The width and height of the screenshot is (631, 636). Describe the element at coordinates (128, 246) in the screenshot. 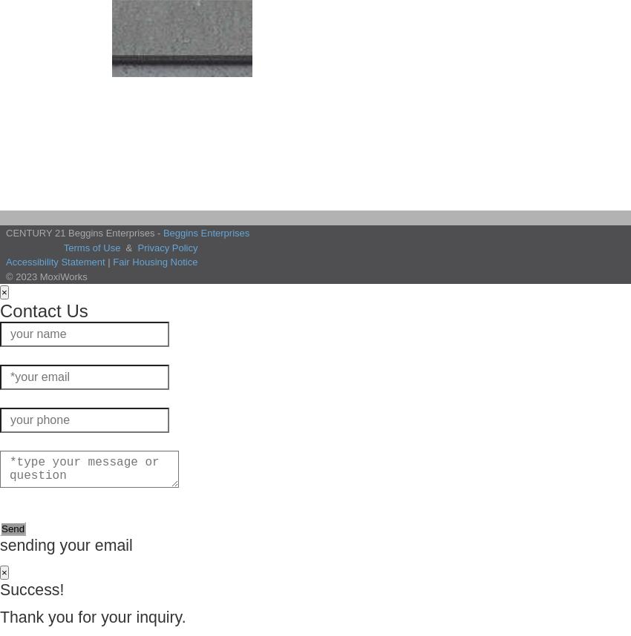

I see `'&'` at that location.